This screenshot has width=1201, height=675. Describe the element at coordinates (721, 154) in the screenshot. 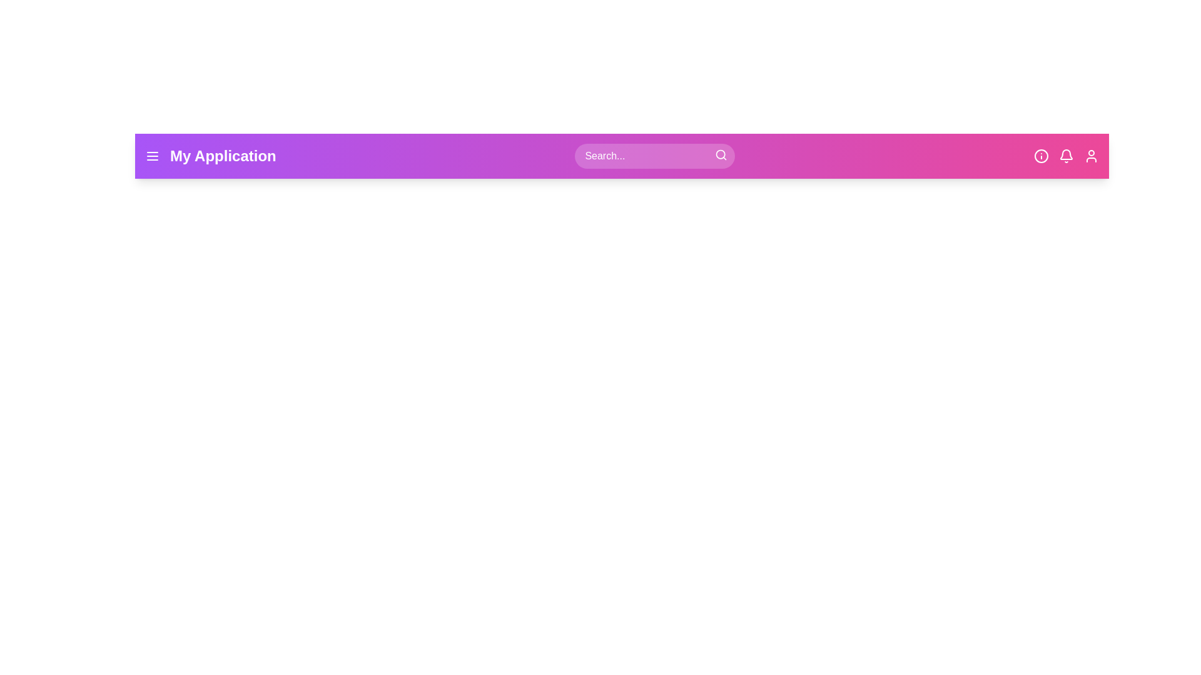

I see `the search icon to focus on the search input field` at that location.